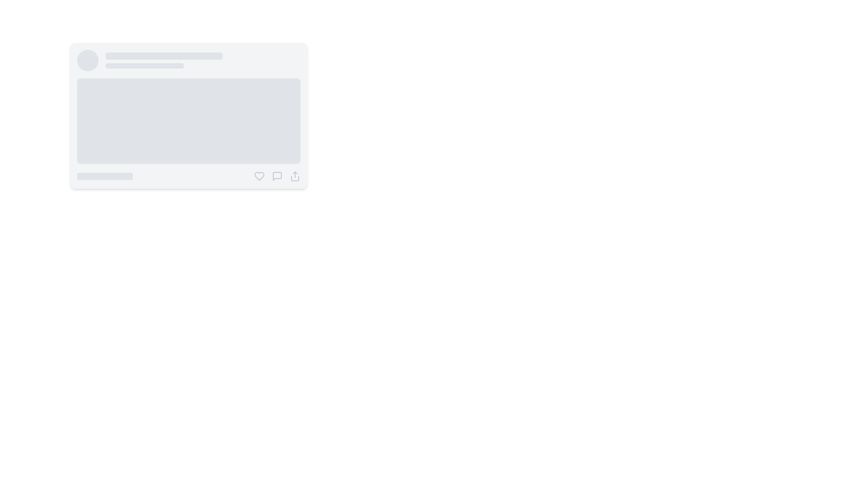  What do you see at coordinates (259, 176) in the screenshot?
I see `the heart-shaped icon located in the bottom-right area of the card layout` at bounding box center [259, 176].